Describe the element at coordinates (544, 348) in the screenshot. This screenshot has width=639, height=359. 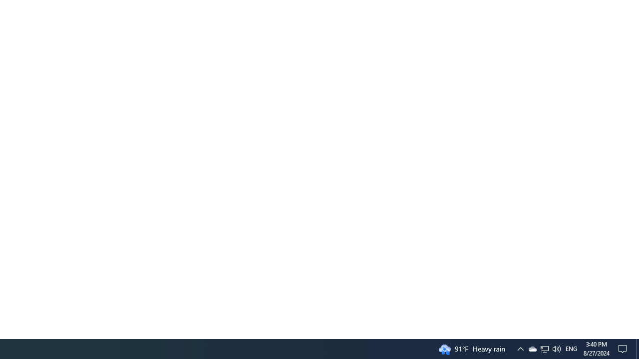
I see `'User Promoted Notification Area'` at that location.